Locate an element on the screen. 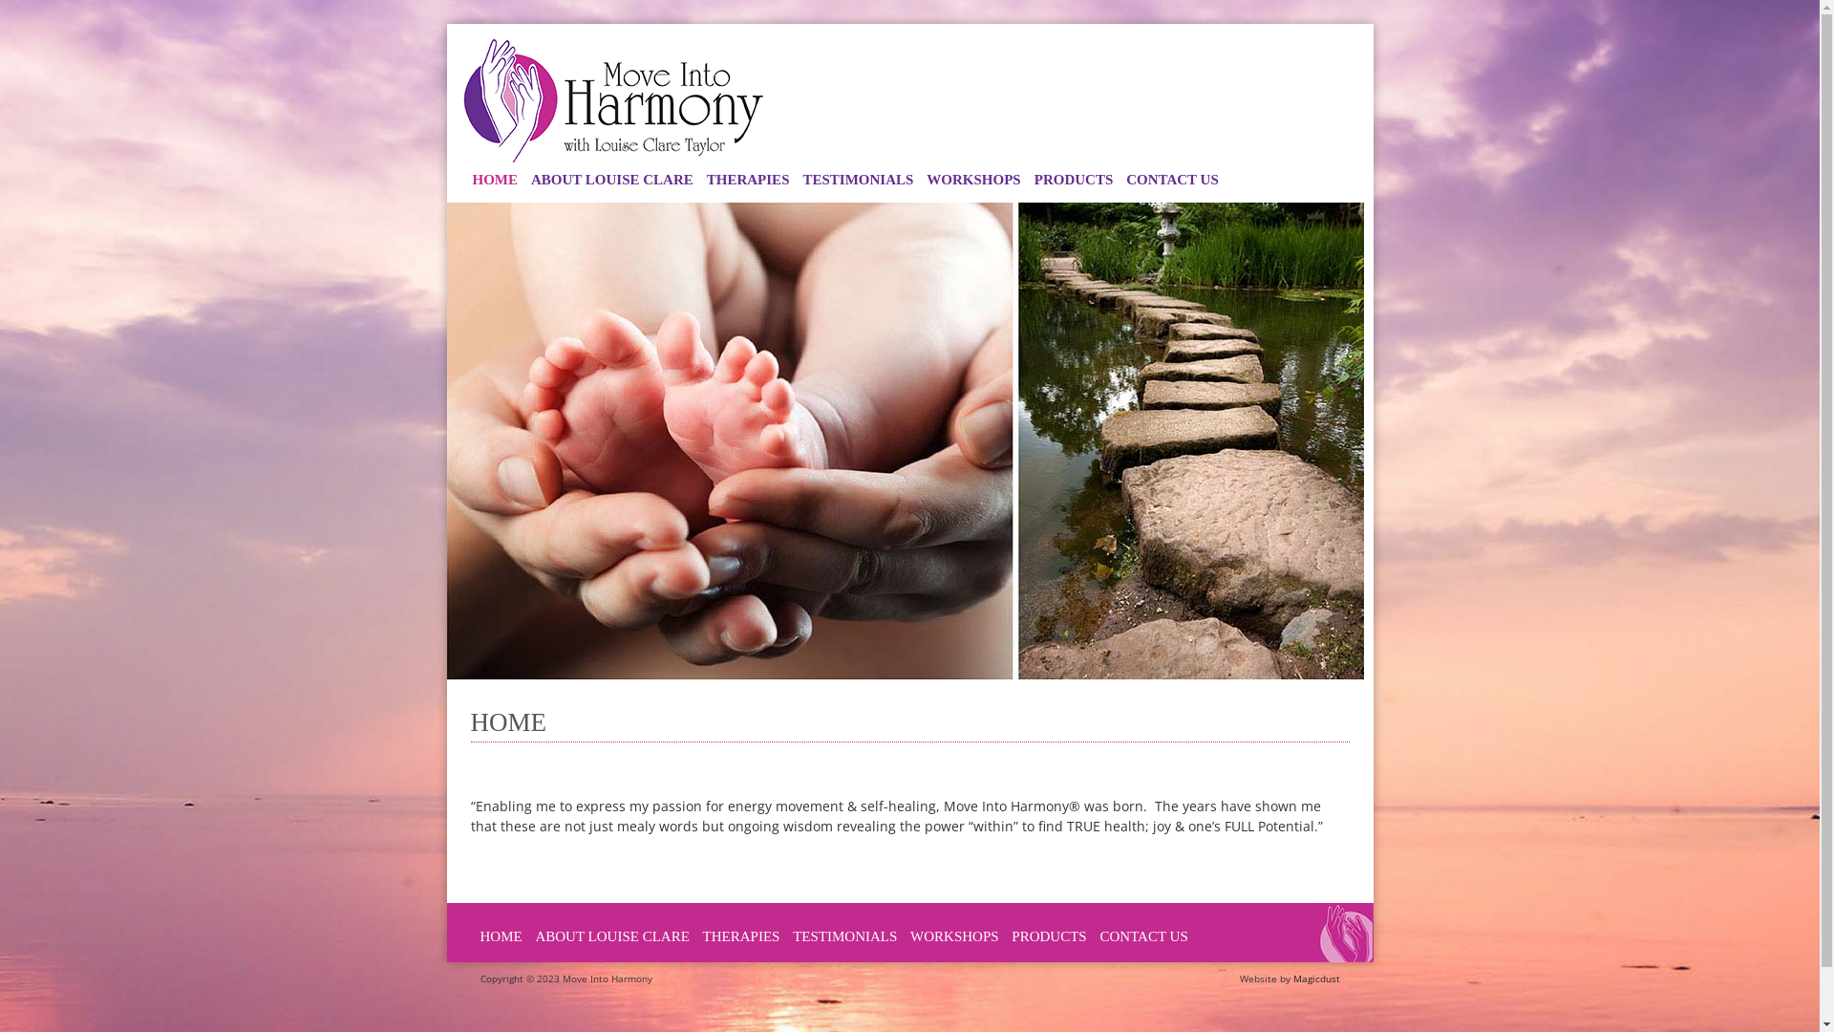 The height and width of the screenshot is (1032, 1834). 'ABOUT LOUISE CLARE' is located at coordinates (523, 180).